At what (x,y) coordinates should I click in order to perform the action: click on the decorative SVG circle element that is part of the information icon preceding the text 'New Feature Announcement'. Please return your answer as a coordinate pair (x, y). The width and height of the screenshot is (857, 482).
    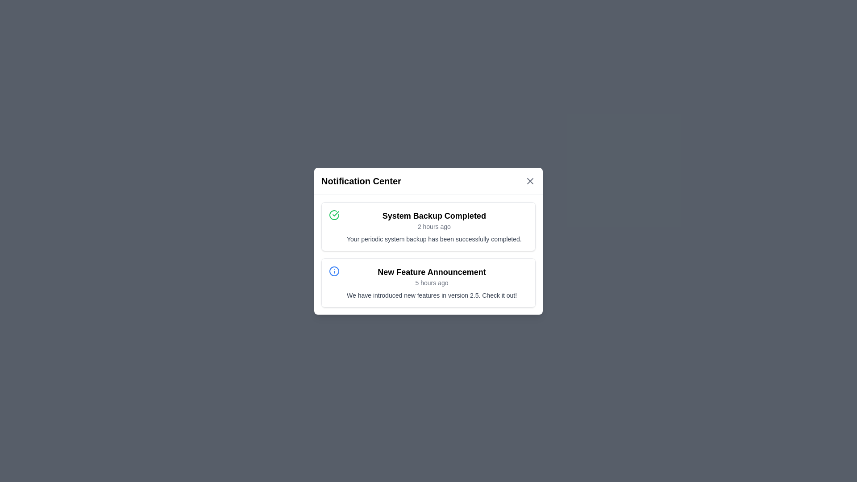
    Looking at the image, I should click on (333, 270).